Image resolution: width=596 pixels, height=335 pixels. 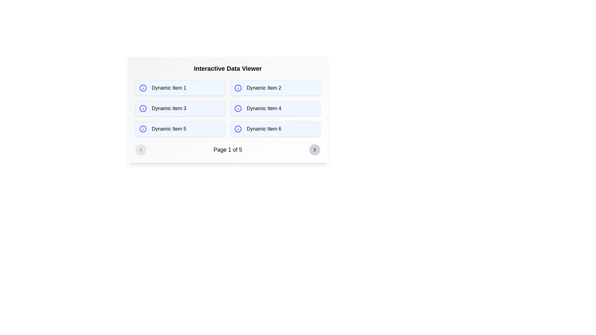 I want to click on the right-pointing chevron icon, which is a minimalistic SVG graphic indicating navigation or continuation, so click(x=314, y=150).